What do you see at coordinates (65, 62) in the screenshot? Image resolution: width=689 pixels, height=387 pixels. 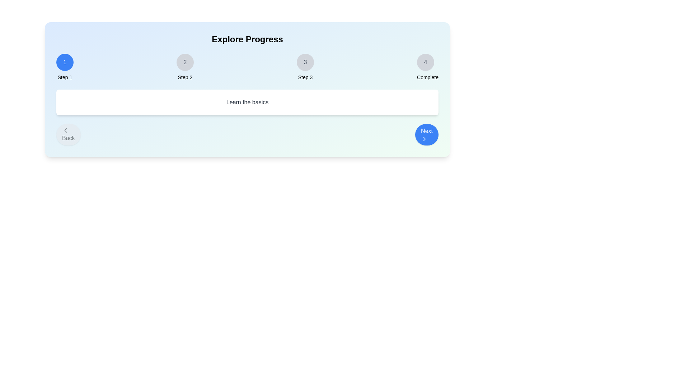 I see `the step indicator for Step 1 to navigate to that step` at bounding box center [65, 62].